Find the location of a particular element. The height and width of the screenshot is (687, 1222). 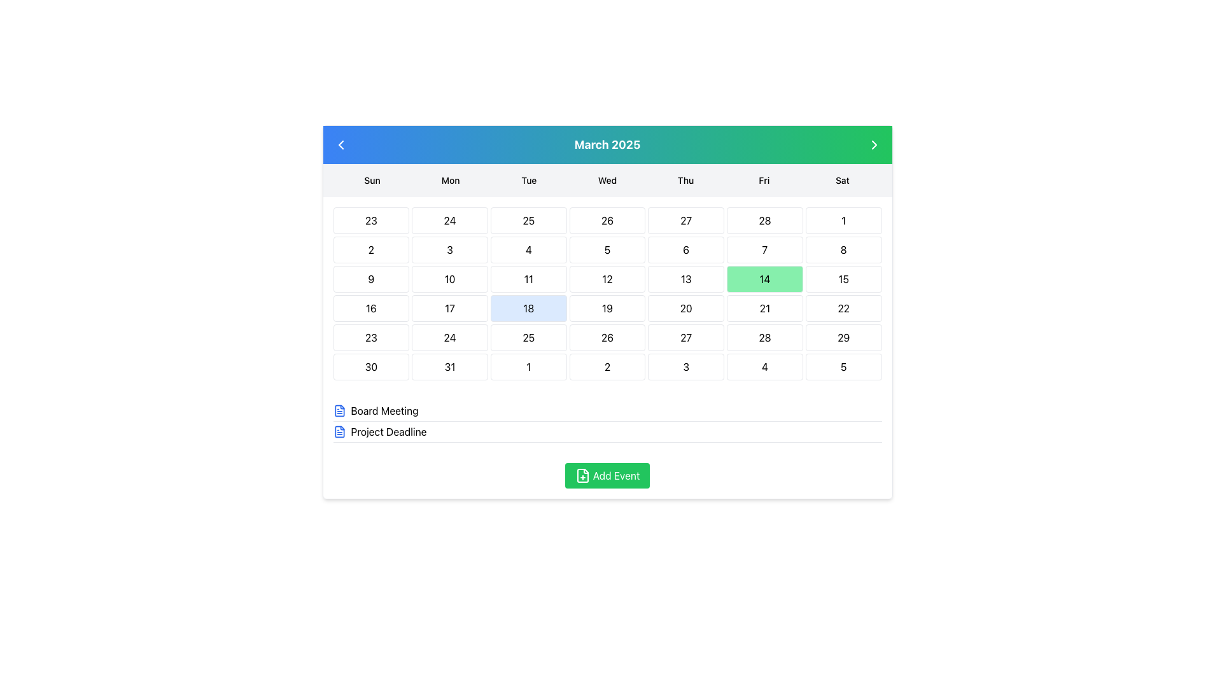

the square-shaped button with a white background, black border, and rounded corners containing the text '11' is located at coordinates (528, 279).